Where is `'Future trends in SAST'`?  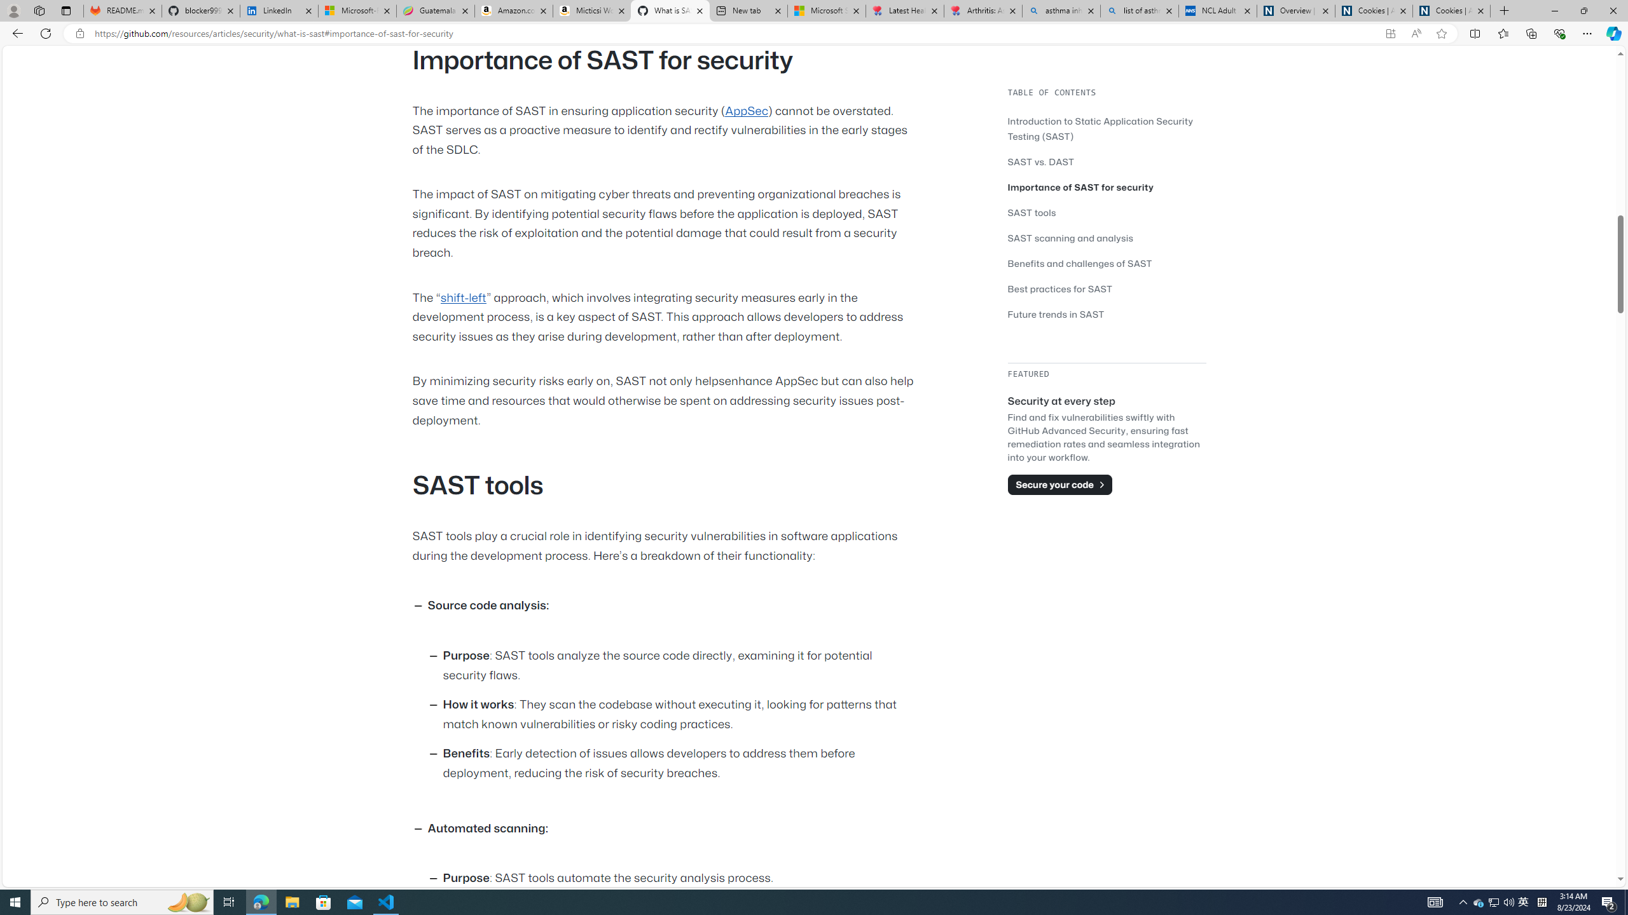 'Future trends in SAST' is located at coordinates (1056, 314).